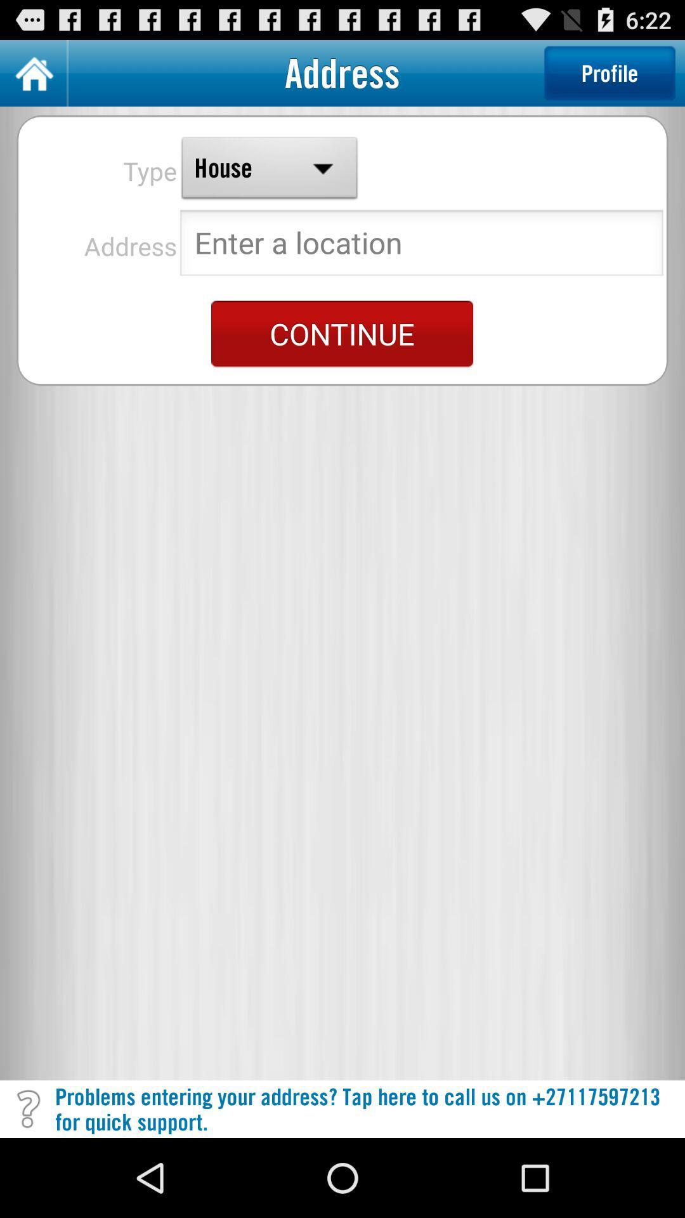 The image size is (685, 1218). I want to click on the home icon, so click(32, 77).